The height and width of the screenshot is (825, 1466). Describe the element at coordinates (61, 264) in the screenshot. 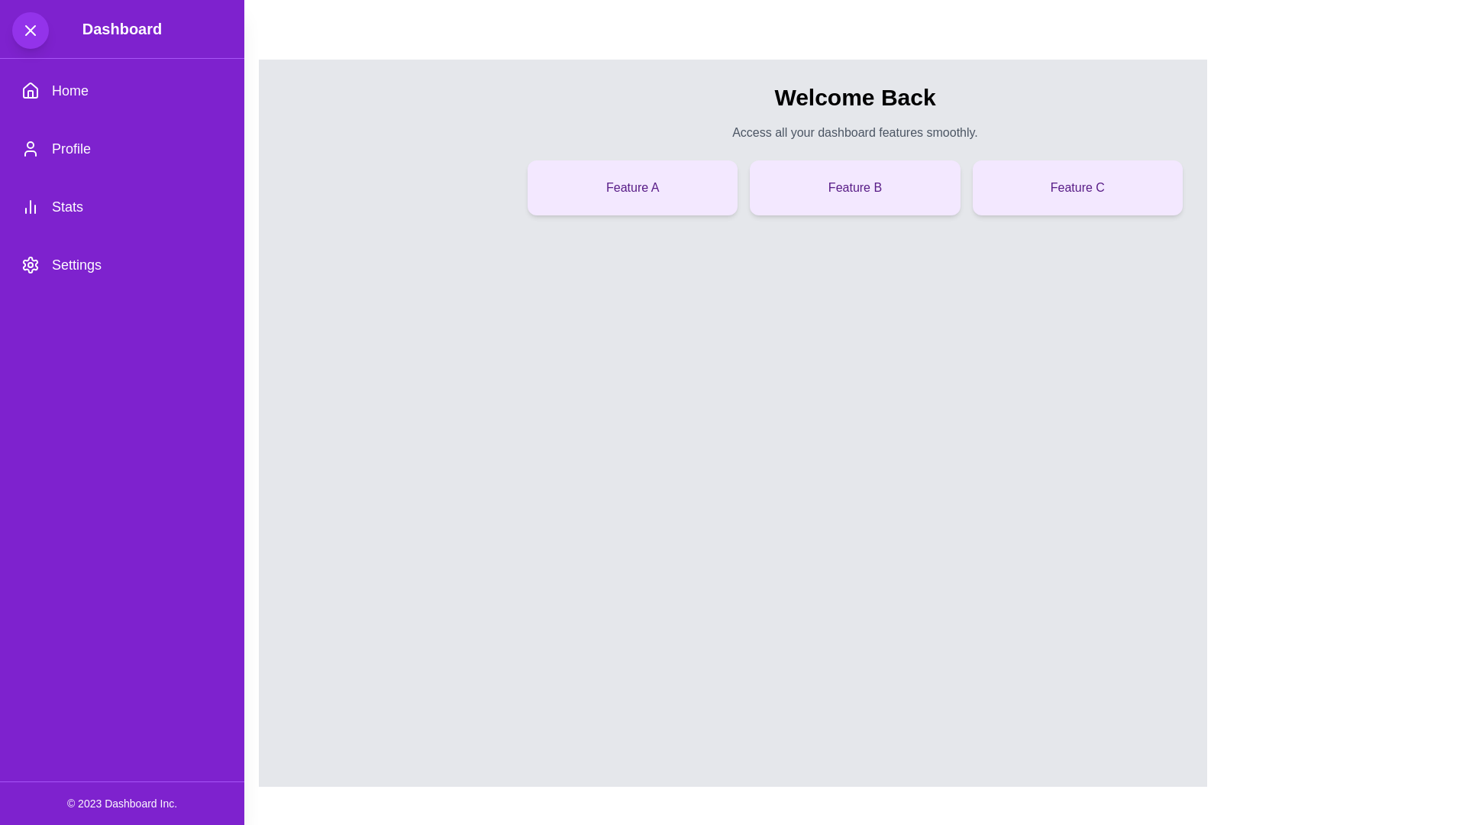

I see `the button located as the fourth item in the vertical menu on the left side of the interface for rapid navigation` at that location.